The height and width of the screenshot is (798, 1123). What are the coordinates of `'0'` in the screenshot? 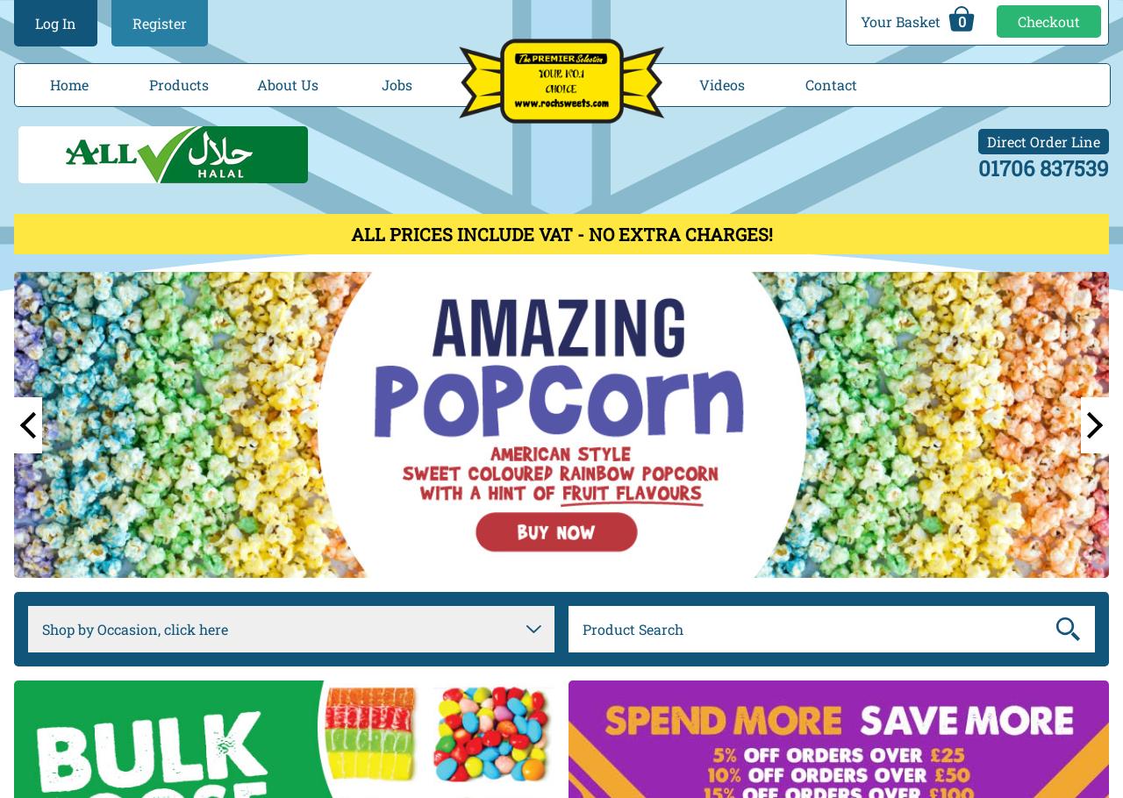 It's located at (960, 20).